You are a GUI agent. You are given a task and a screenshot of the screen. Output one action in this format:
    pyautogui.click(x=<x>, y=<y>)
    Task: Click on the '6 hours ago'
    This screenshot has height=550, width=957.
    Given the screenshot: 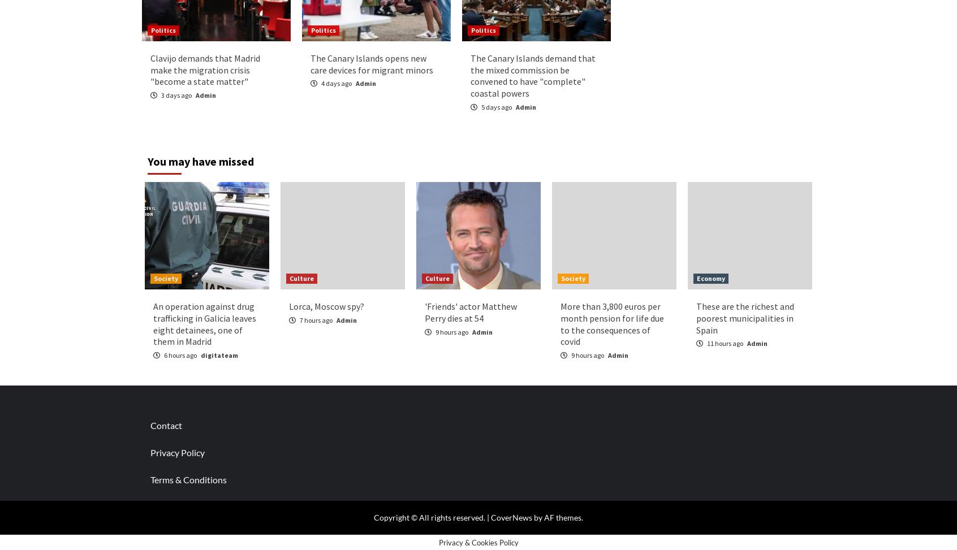 What is the action you would take?
    pyautogui.click(x=179, y=354)
    